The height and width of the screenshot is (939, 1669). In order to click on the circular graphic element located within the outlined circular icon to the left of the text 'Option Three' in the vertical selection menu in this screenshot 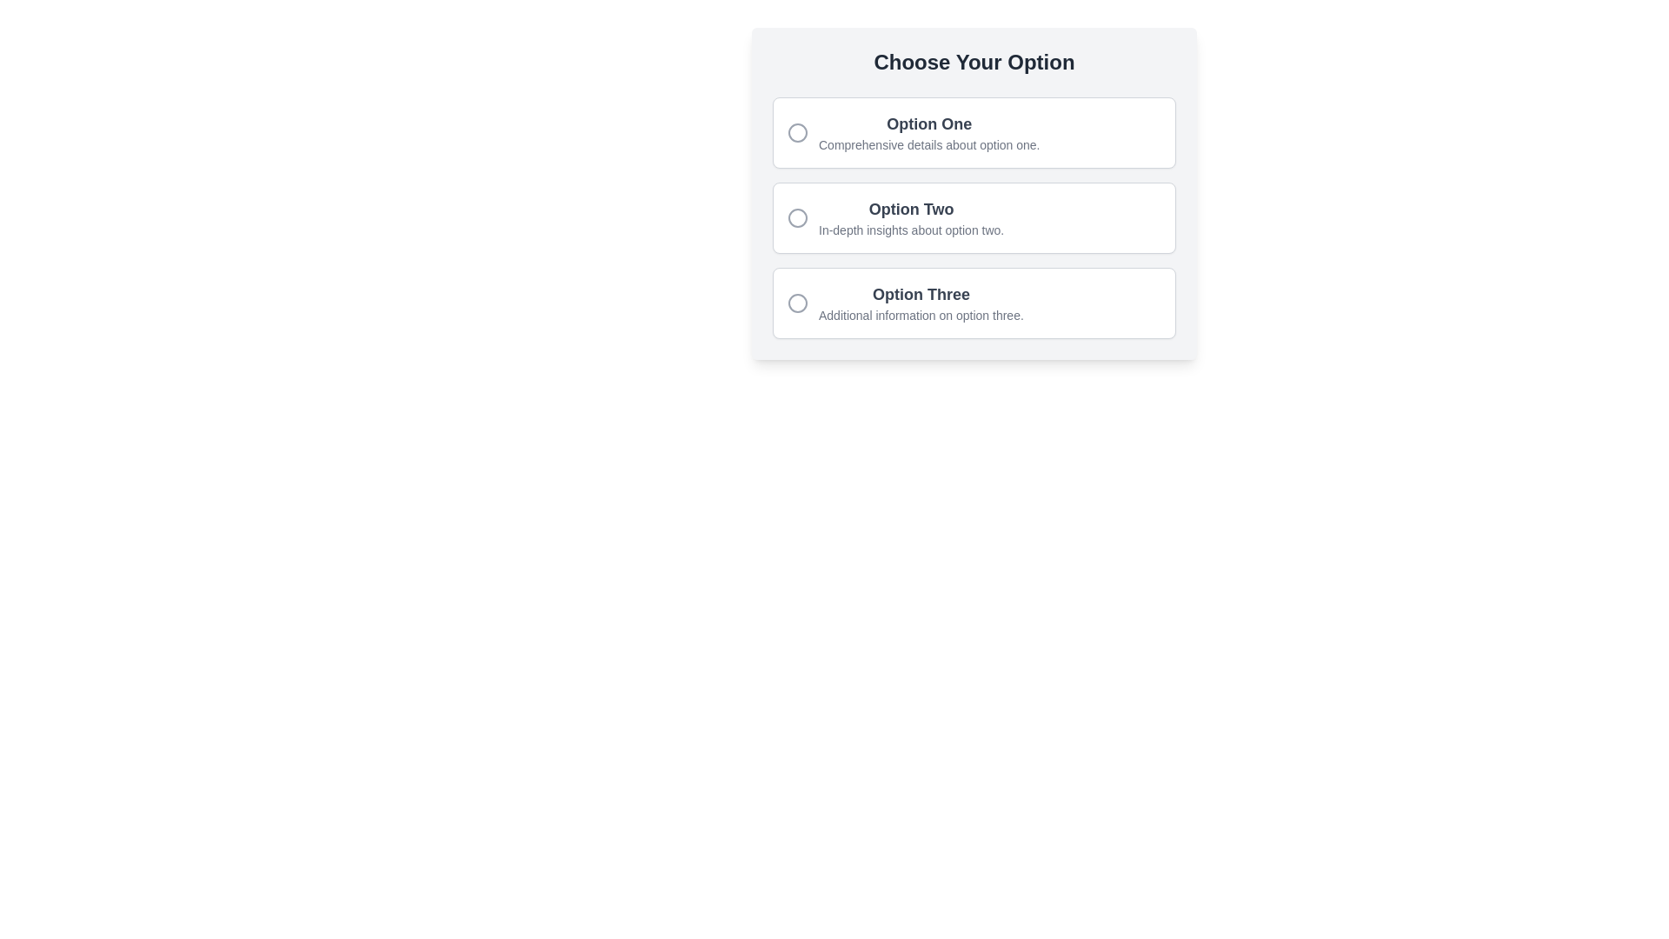, I will do `click(796, 302)`.